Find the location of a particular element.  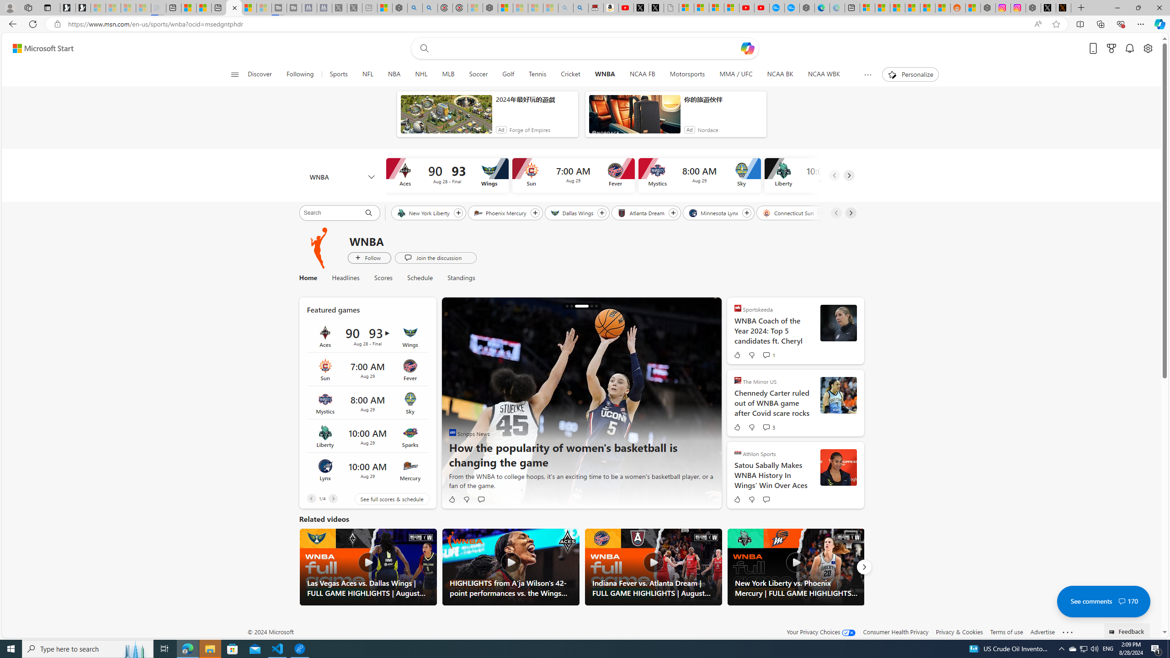

'NCAA WBK' is located at coordinates (823, 74).